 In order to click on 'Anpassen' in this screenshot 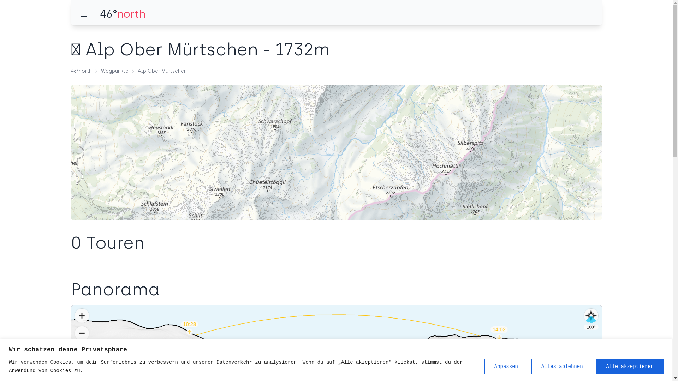, I will do `click(506, 365)`.